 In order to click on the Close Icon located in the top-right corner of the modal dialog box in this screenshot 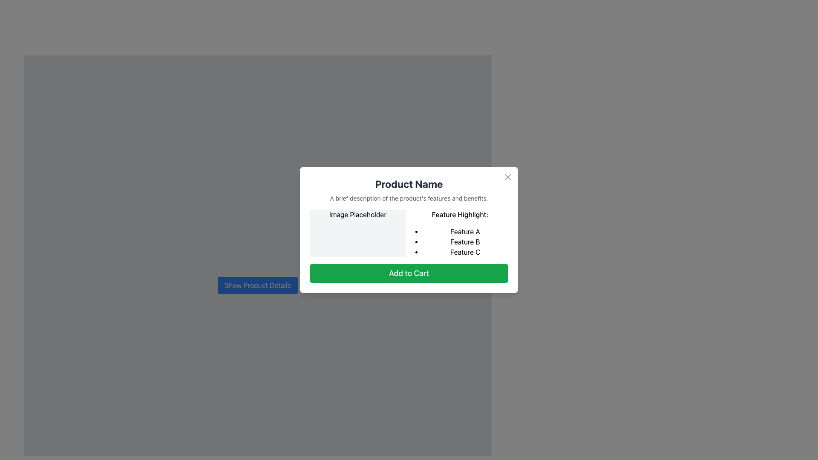, I will do `click(507, 177)`.